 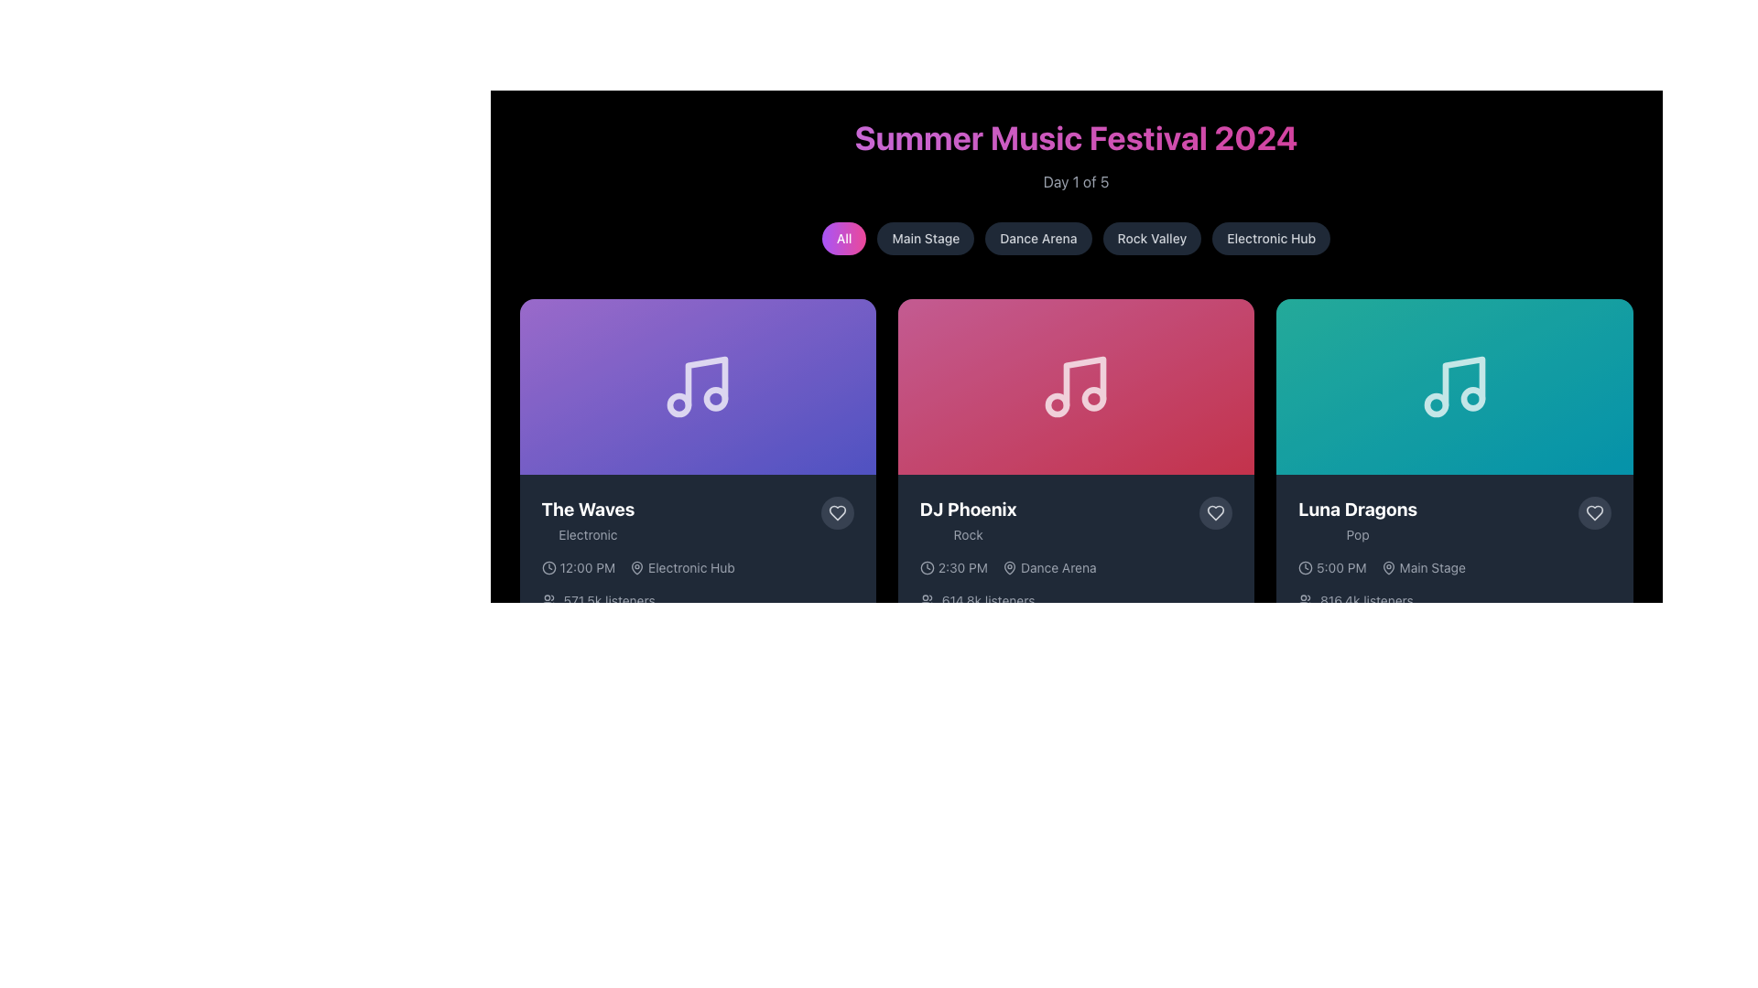 I want to click on displayed information of the static text element that shows the title 'The Waves' and the genre 'Electronic' in the first card on the left side of the interface, so click(x=588, y=521).